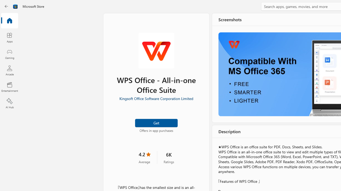 The height and width of the screenshot is (191, 341). I want to click on 'Back', so click(6, 6).